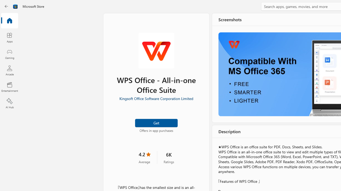 The height and width of the screenshot is (191, 341). I want to click on 'Back', so click(6, 6).